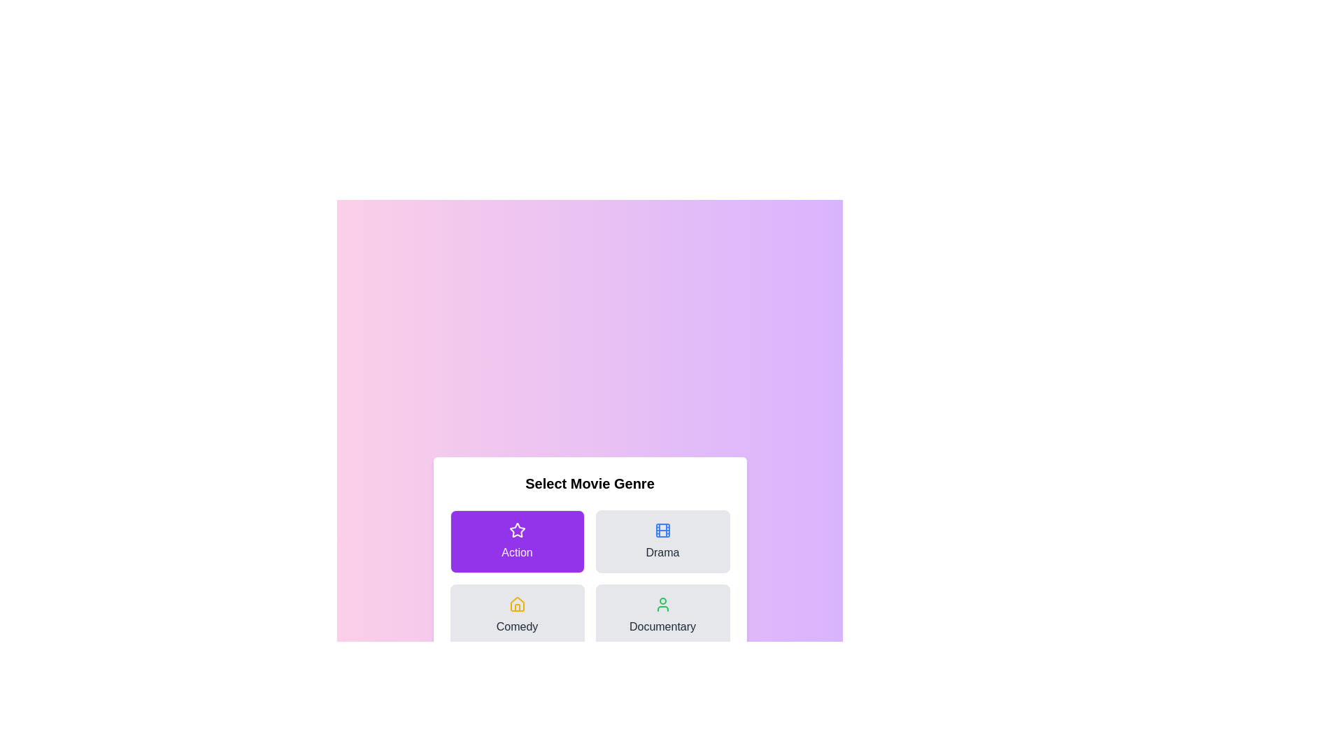  I want to click on the button representing the genre Documentary, so click(662, 614).